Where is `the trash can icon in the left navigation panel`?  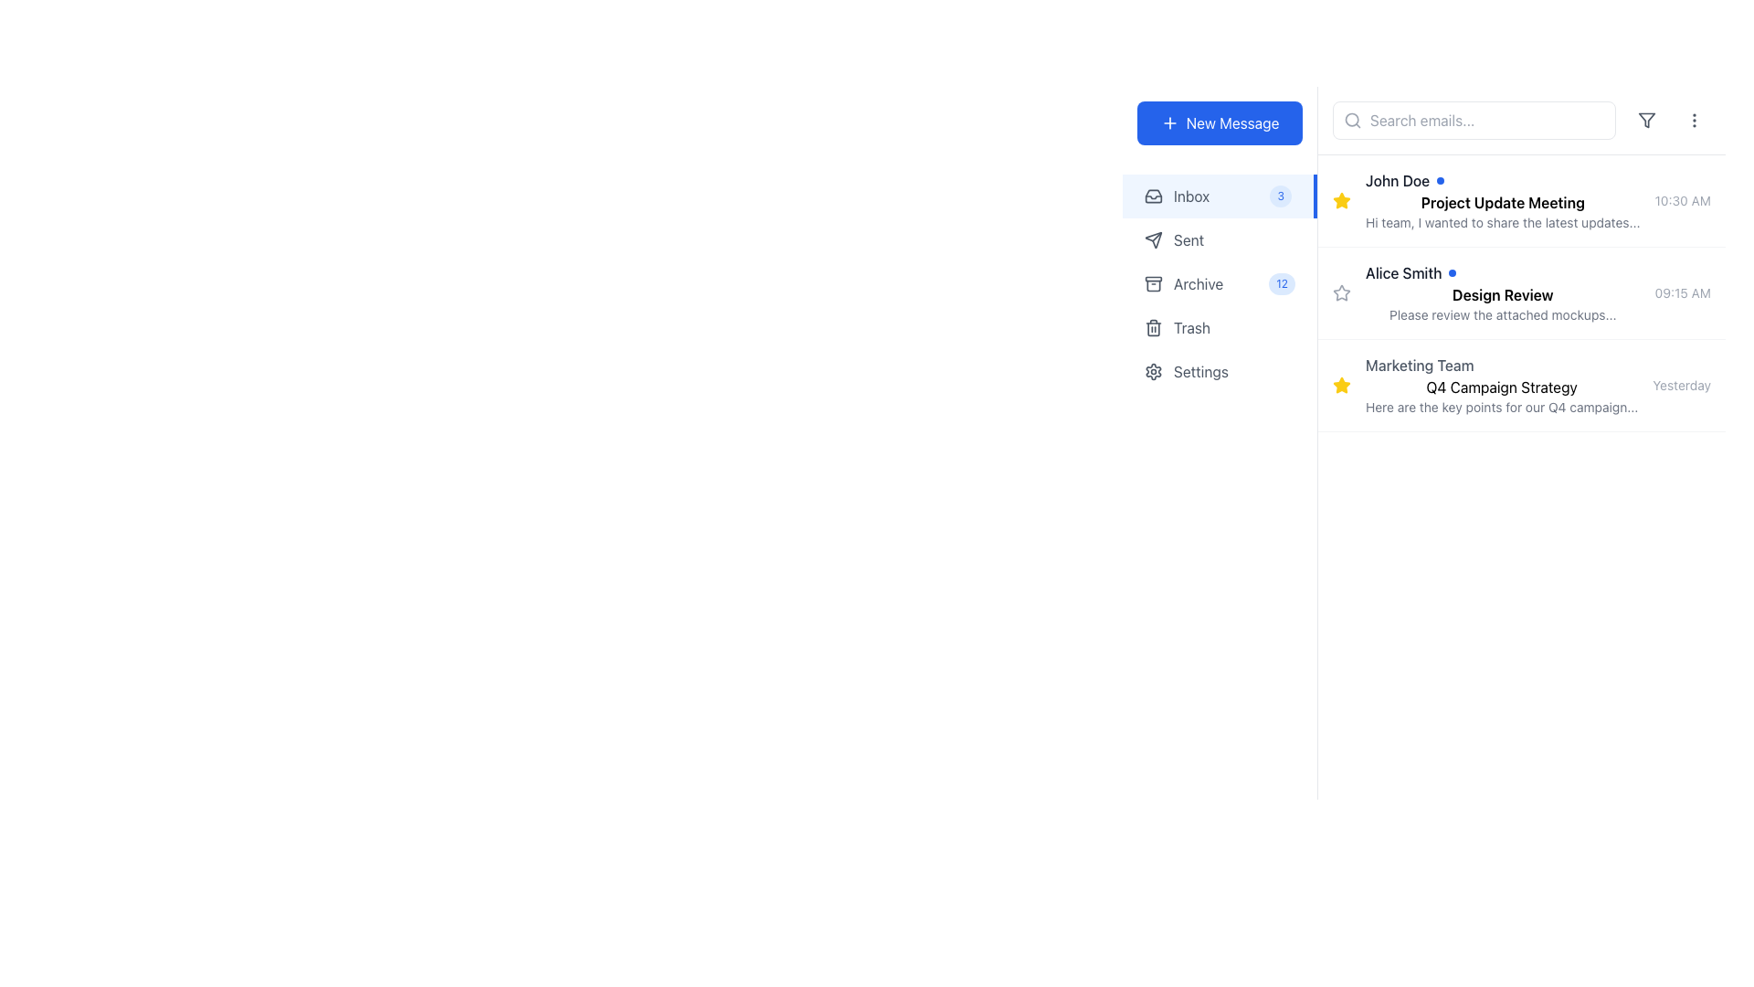 the trash can icon in the left navigation panel is located at coordinates (1152, 326).